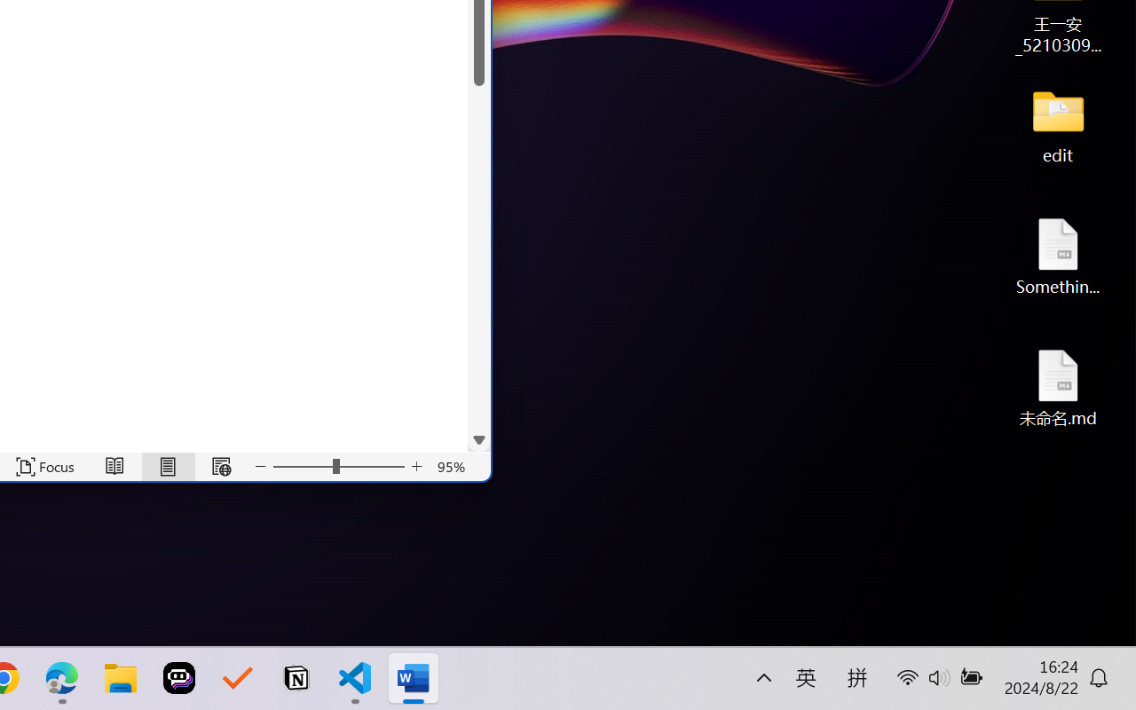  What do you see at coordinates (452, 466) in the screenshot?
I see `'Zoom 95%'` at bounding box center [452, 466].